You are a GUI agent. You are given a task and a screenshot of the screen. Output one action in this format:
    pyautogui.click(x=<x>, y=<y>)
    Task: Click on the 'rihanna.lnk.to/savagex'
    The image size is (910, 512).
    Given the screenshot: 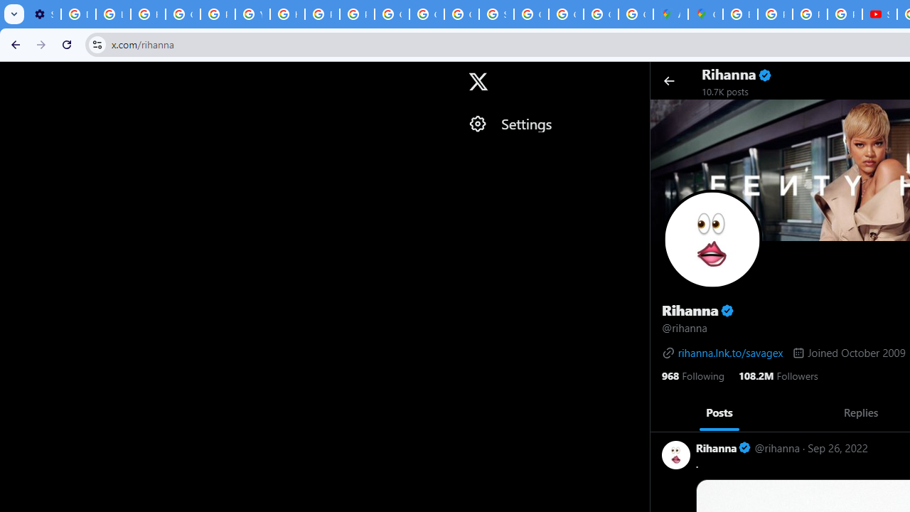 What is the action you would take?
    pyautogui.click(x=722, y=352)
    